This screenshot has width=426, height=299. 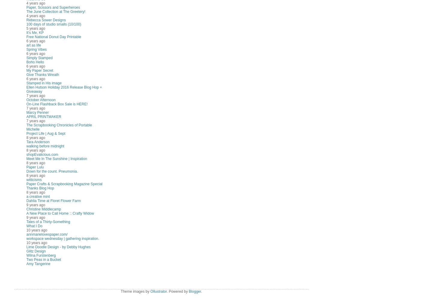 What do you see at coordinates (52, 171) in the screenshot?
I see `'Down for the count.  Pneumonia.'` at bounding box center [52, 171].